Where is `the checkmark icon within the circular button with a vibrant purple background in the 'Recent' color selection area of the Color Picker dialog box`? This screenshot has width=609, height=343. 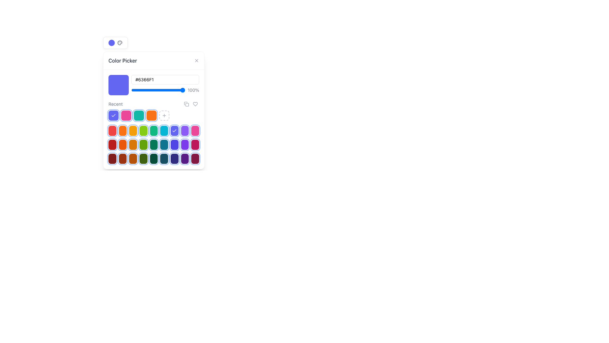 the checkmark icon within the circular button with a vibrant purple background in the 'Recent' color selection area of the Color Picker dialog box is located at coordinates (114, 115).